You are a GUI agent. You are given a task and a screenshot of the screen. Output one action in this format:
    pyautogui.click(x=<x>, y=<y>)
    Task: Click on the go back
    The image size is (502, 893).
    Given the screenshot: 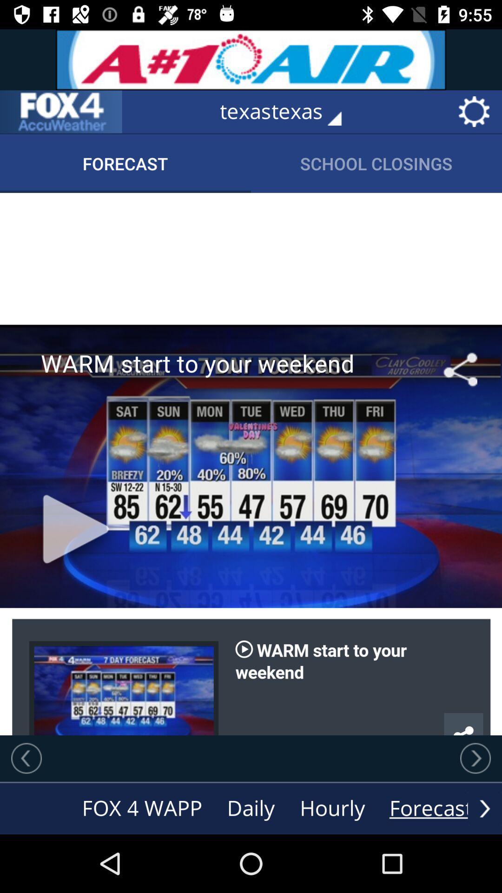 What is the action you would take?
    pyautogui.click(x=61, y=112)
    